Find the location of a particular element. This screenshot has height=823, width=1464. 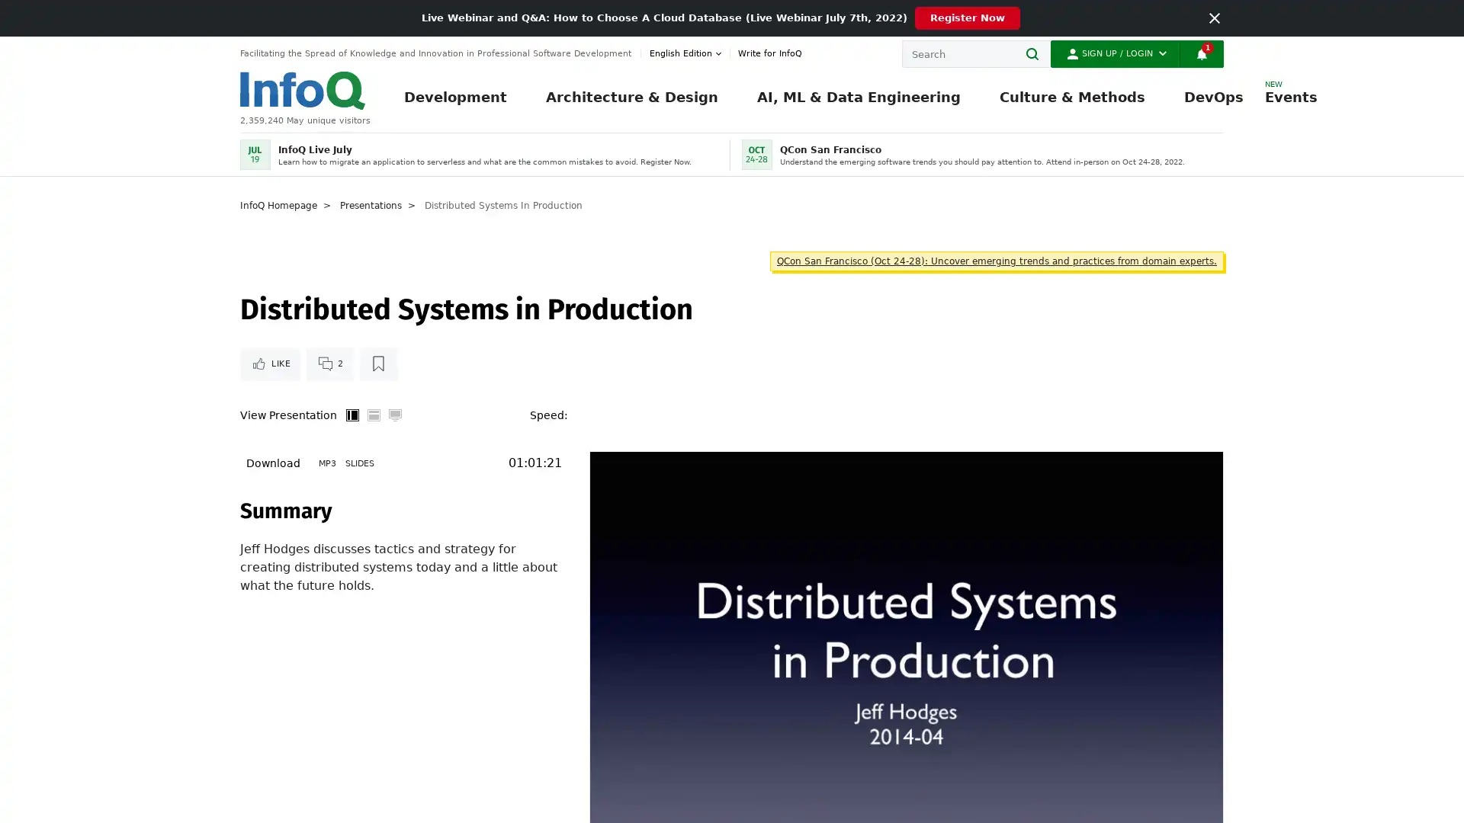

Sign Up / Login is located at coordinates (1115, 53).